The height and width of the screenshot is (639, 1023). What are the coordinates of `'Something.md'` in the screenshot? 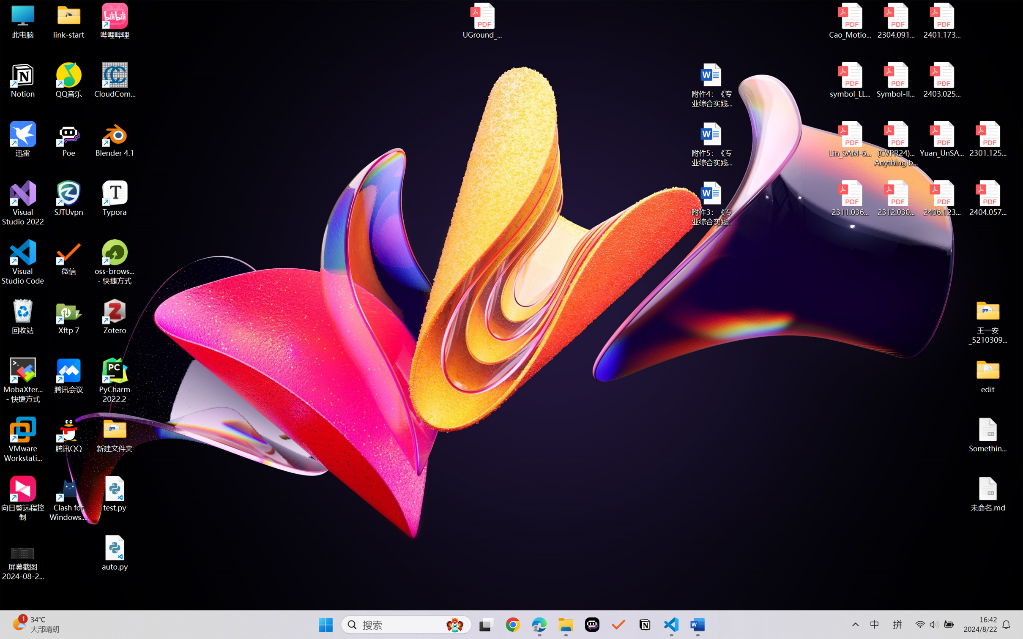 It's located at (987, 435).